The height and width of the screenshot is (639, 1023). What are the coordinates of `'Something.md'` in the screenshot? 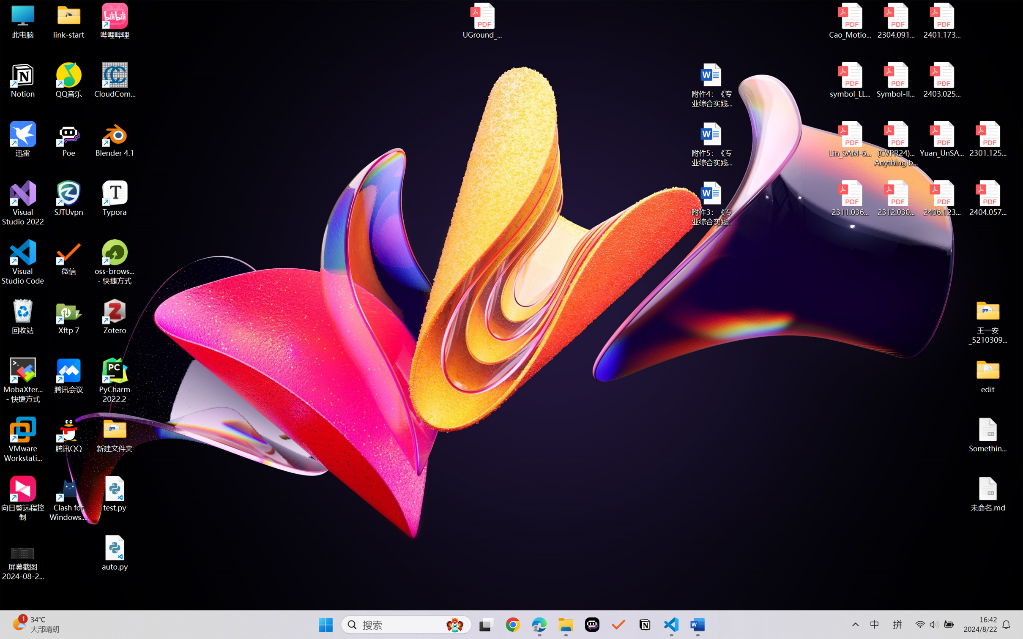 It's located at (987, 435).